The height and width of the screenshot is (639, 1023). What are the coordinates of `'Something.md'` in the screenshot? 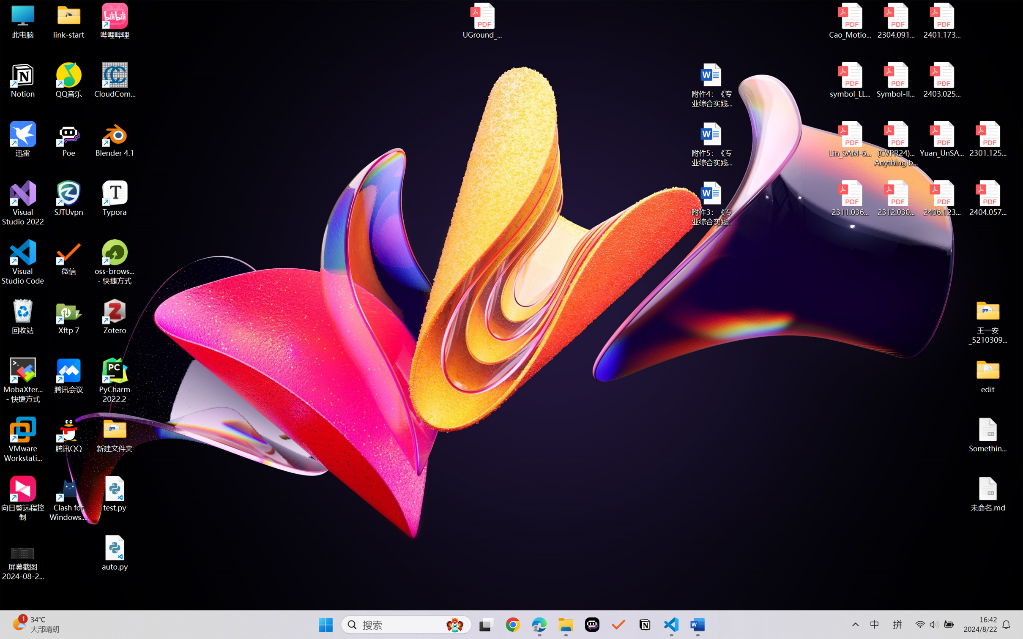 It's located at (987, 435).